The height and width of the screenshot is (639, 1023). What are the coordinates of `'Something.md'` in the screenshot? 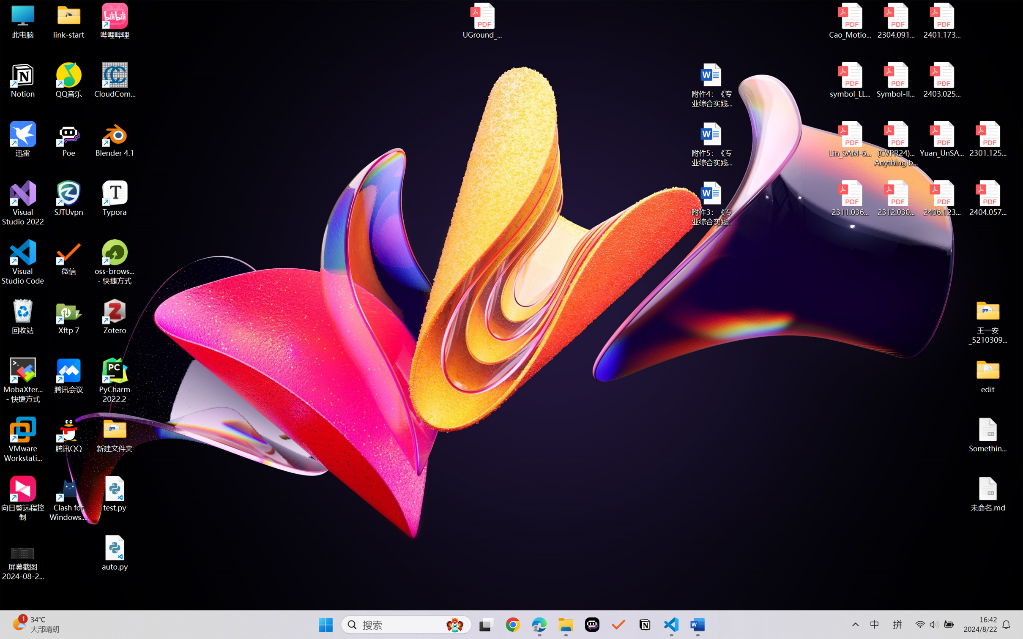 It's located at (987, 435).